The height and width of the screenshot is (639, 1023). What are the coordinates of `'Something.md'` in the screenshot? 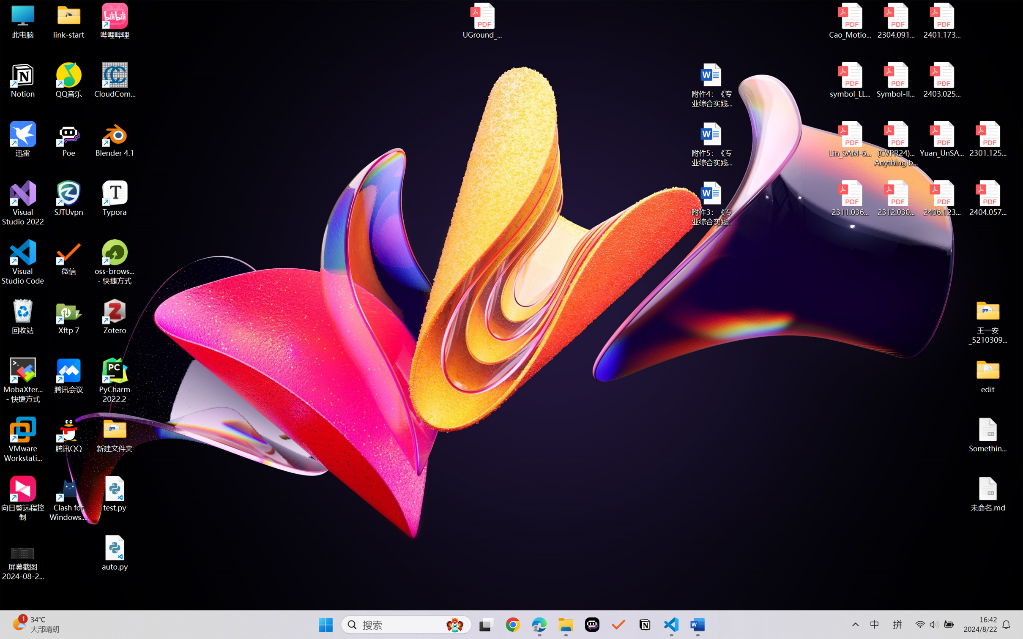 It's located at (987, 435).